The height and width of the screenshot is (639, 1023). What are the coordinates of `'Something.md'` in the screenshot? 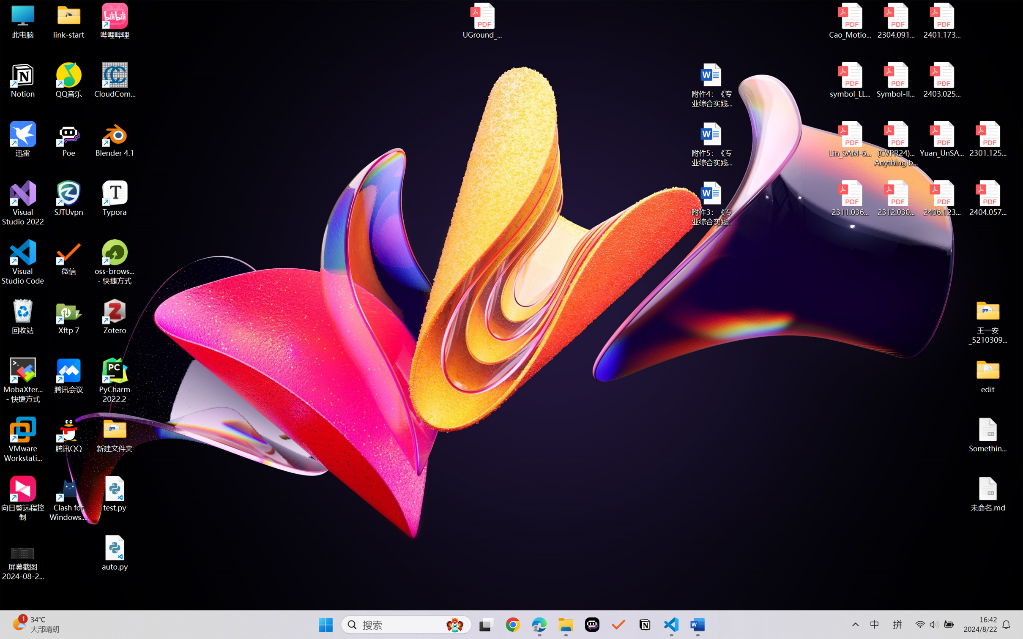 It's located at (987, 435).